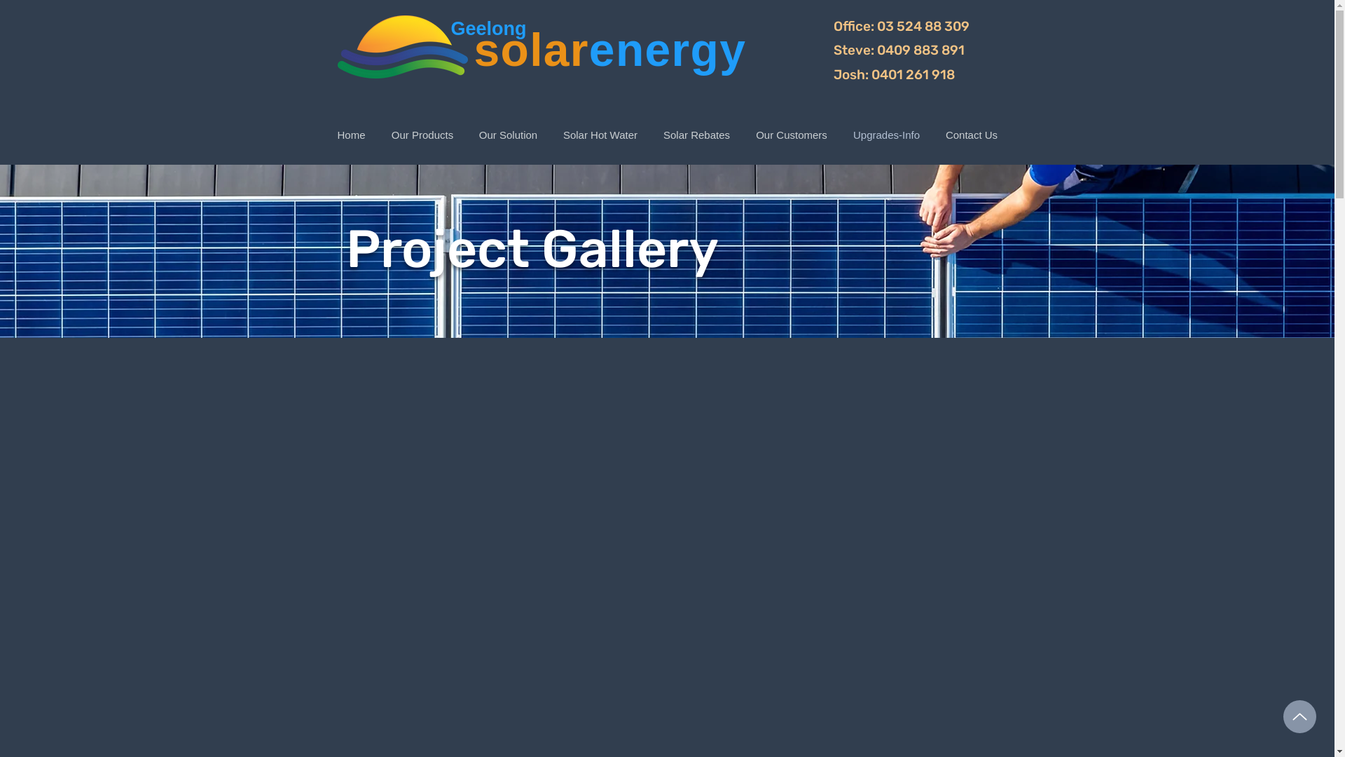  Describe the element at coordinates (791, 135) in the screenshot. I see `'Our Customers'` at that location.